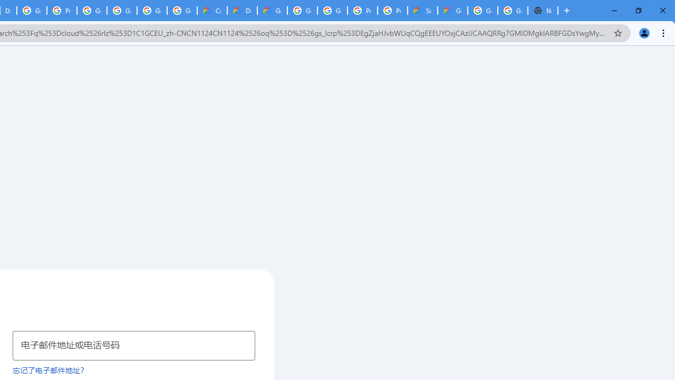  I want to click on 'Google Cloud Platform', so click(513, 11).